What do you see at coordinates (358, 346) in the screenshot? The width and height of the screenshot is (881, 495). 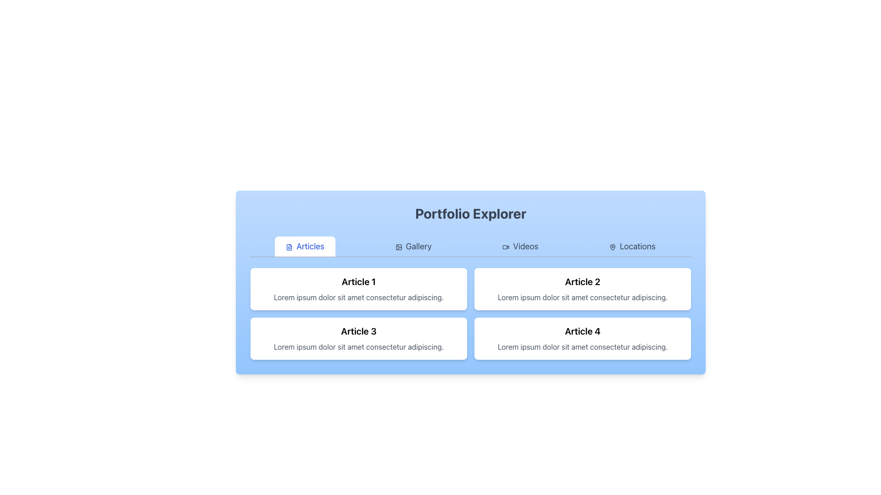 I see `the text block that provides additional context for the 'Article 3' card located in the bottom left quadrant of the four-card grid layout` at bounding box center [358, 346].